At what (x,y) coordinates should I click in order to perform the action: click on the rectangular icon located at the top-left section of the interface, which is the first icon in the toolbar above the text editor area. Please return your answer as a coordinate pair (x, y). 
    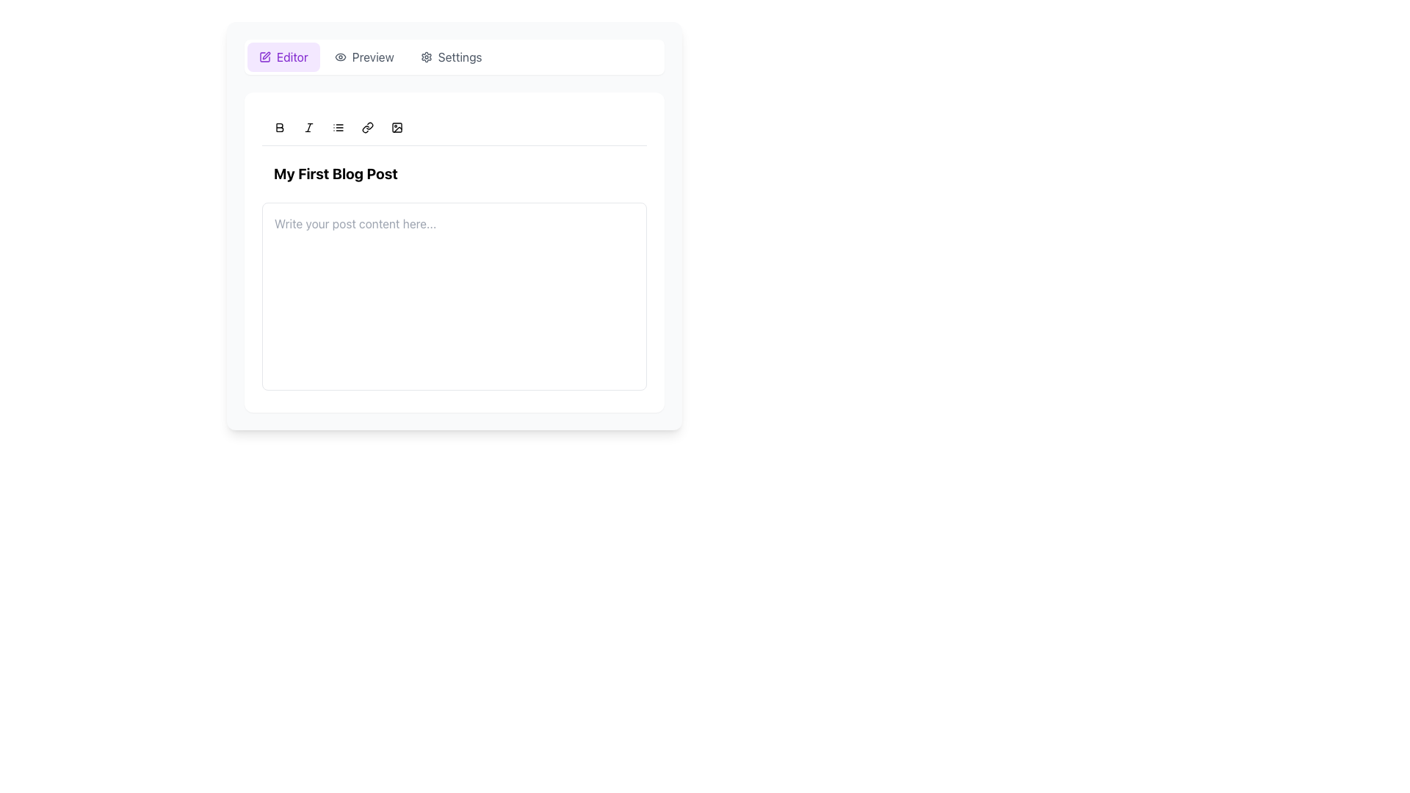
    Looking at the image, I should click on (264, 56).